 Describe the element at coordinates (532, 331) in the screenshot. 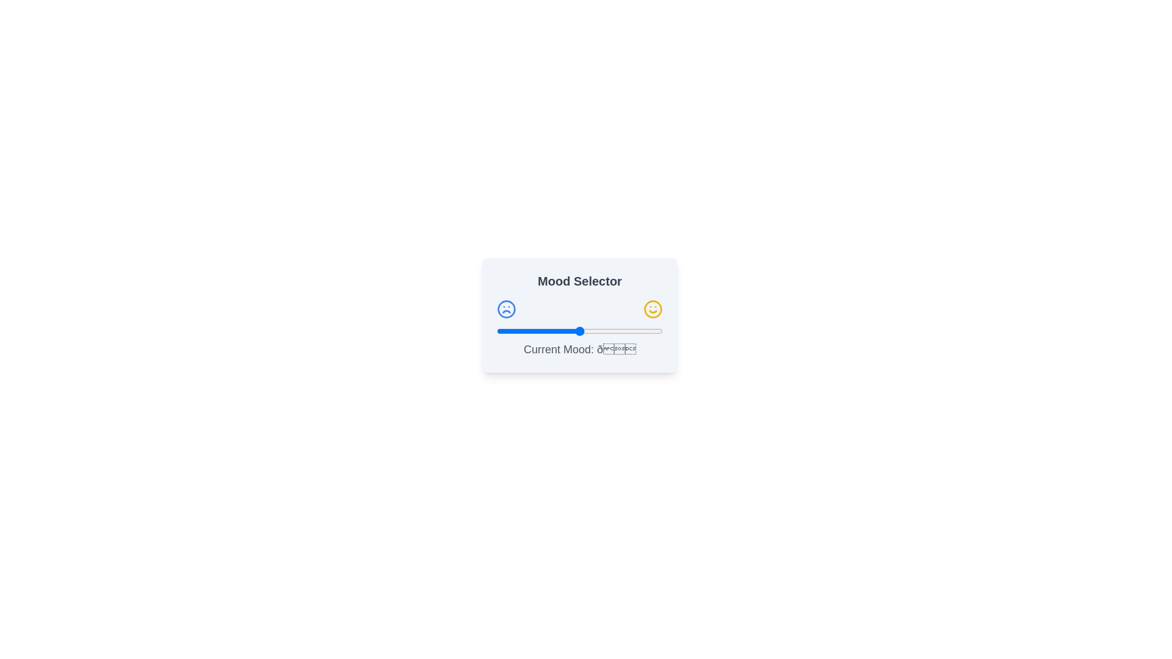

I see `the slider to set the mood value to 21` at that location.